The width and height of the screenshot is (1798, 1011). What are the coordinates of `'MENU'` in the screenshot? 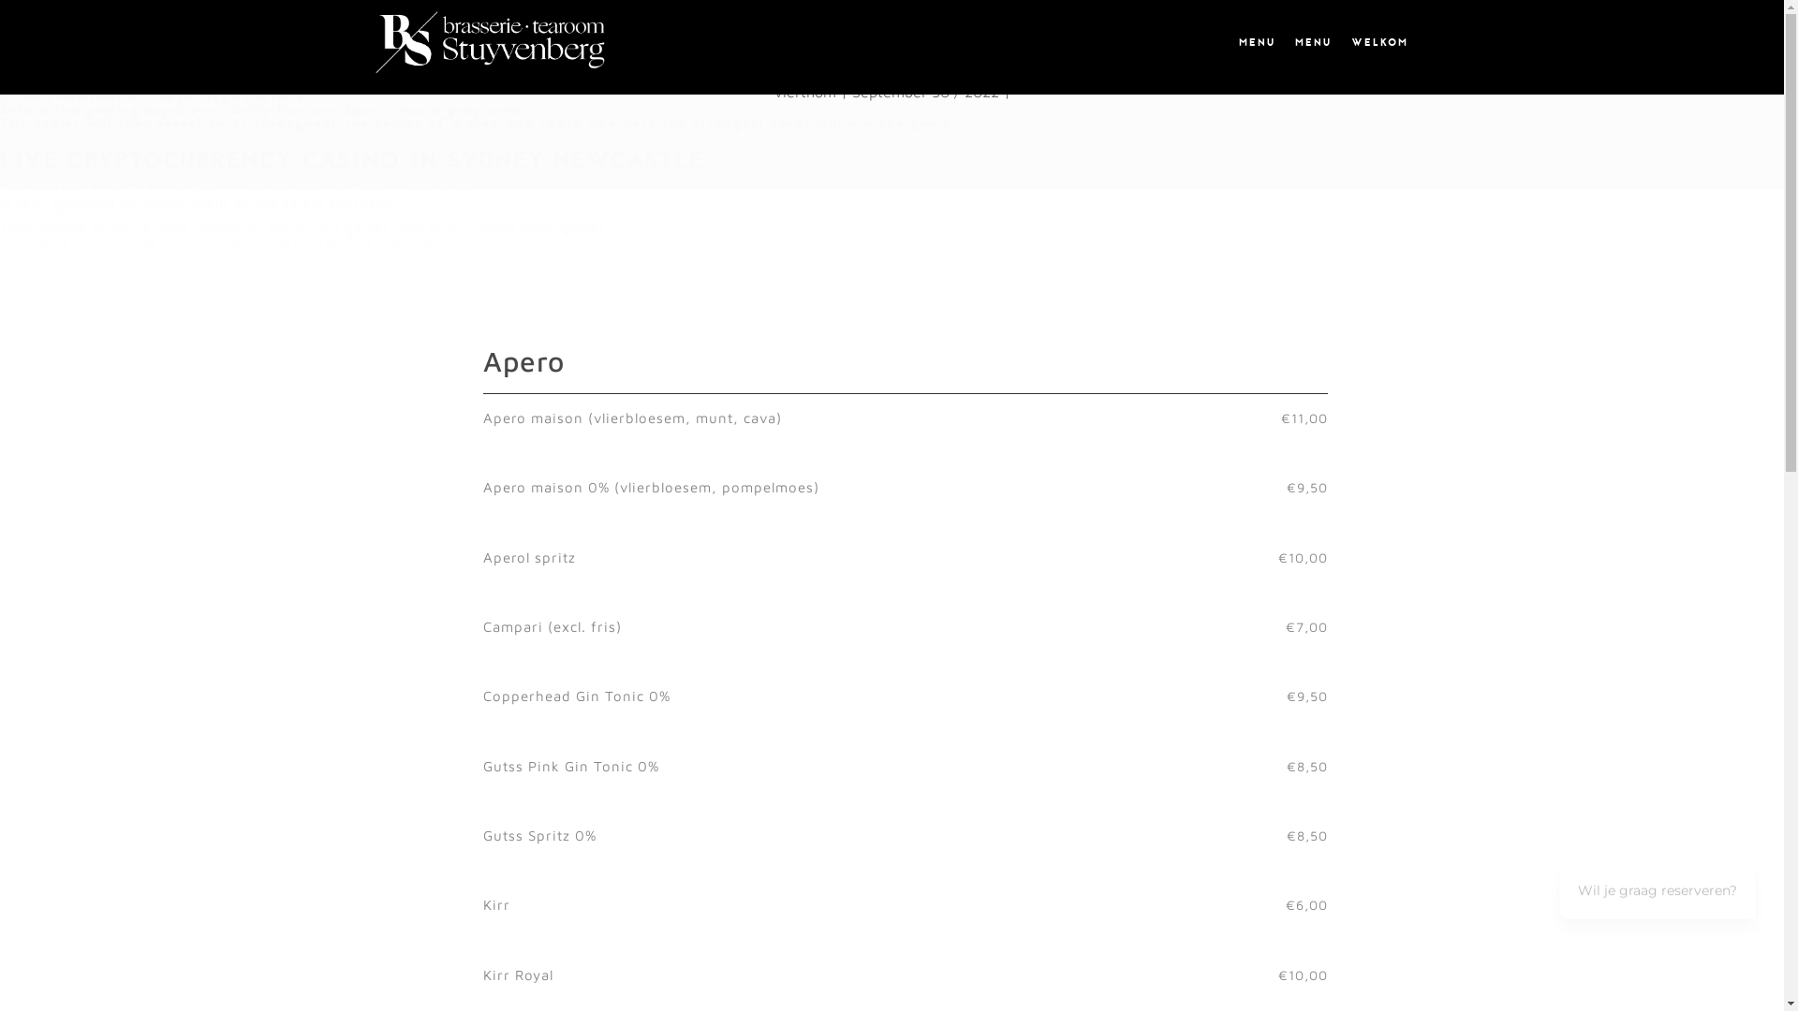 It's located at (1255, 42).